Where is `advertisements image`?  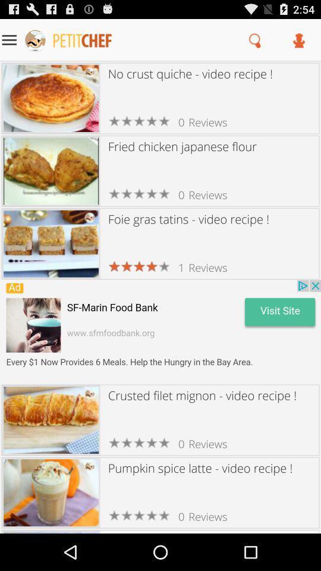
advertisements image is located at coordinates (160, 331).